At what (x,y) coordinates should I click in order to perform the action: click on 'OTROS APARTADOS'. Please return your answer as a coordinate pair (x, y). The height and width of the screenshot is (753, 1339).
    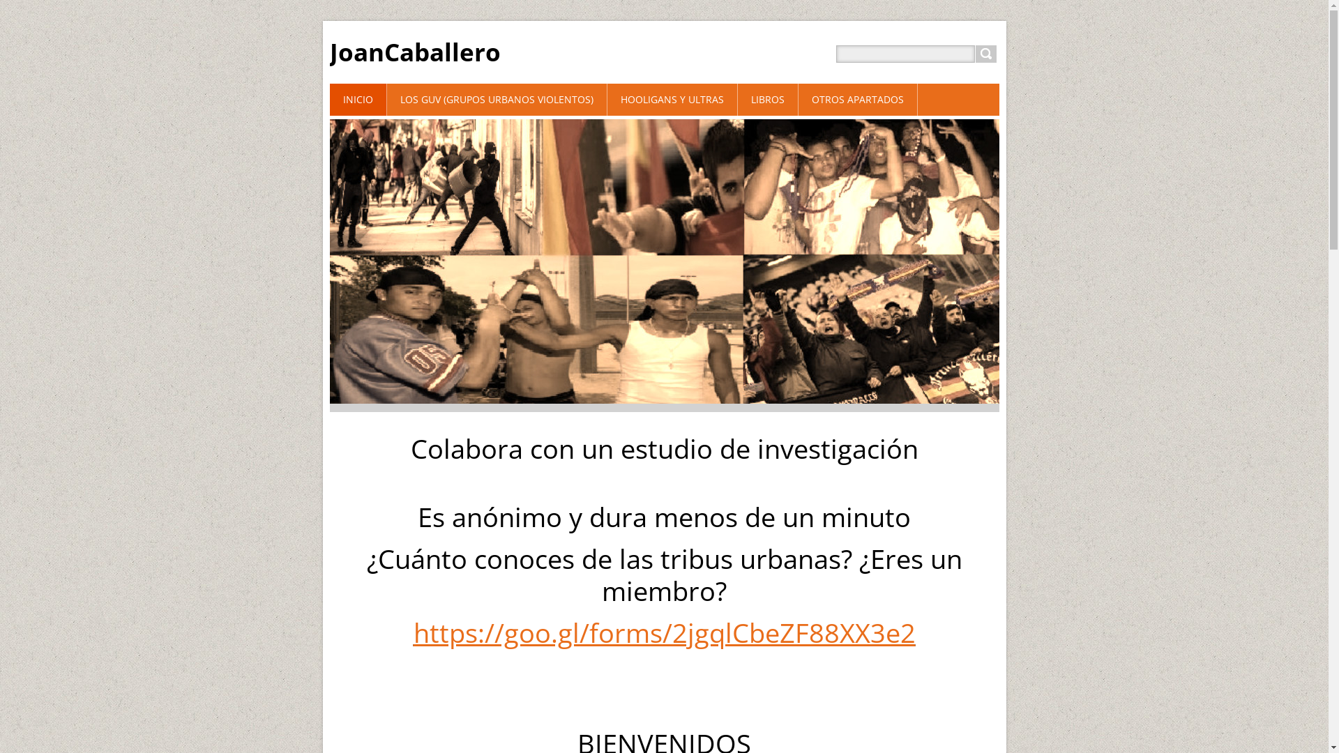
    Looking at the image, I should click on (797, 98).